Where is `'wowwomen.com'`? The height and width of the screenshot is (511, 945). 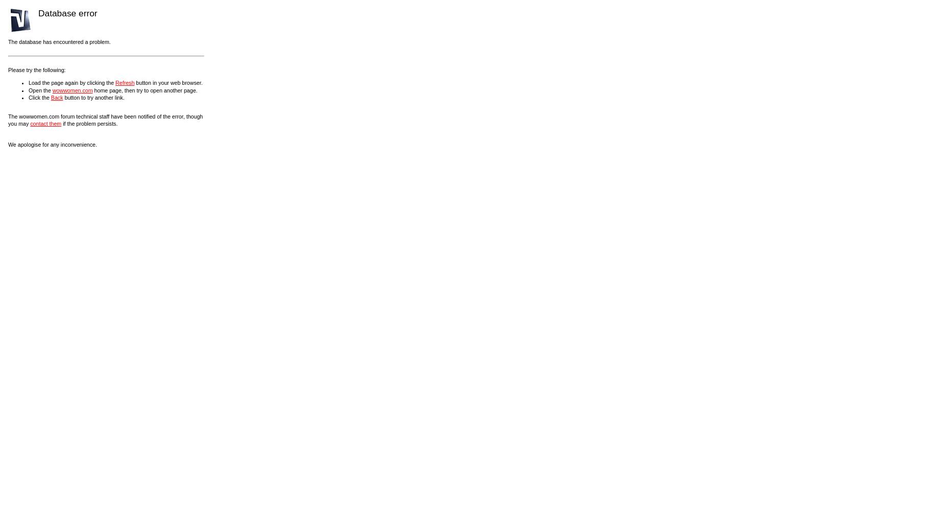
'wowwomen.com' is located at coordinates (72, 90).